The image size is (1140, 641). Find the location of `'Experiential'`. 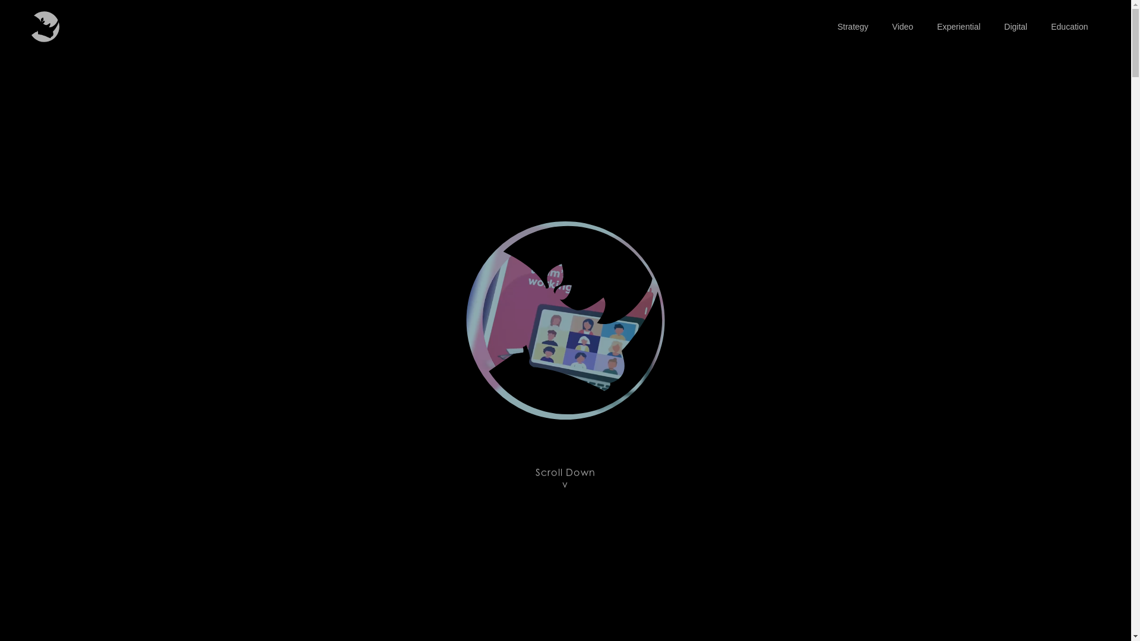

'Experiential' is located at coordinates (958, 27).